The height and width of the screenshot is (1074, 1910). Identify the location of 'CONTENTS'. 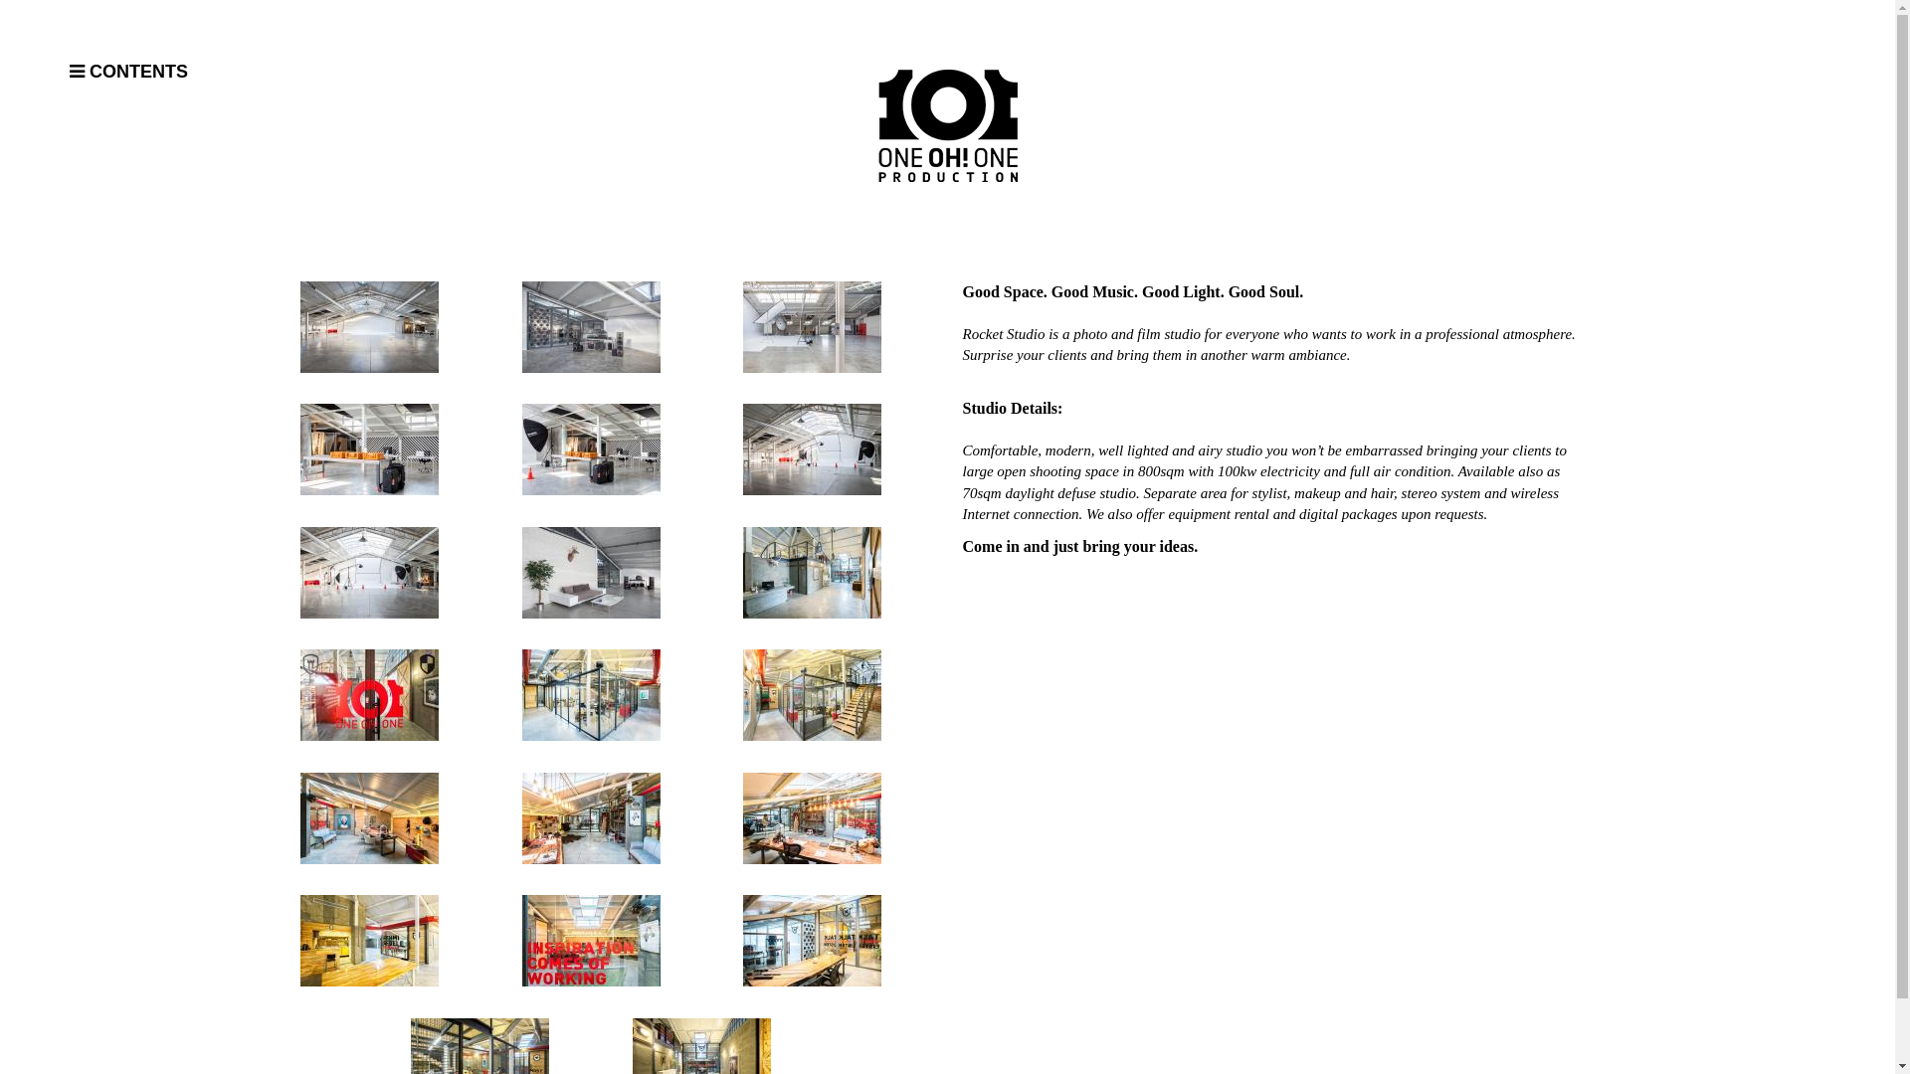
(70, 72).